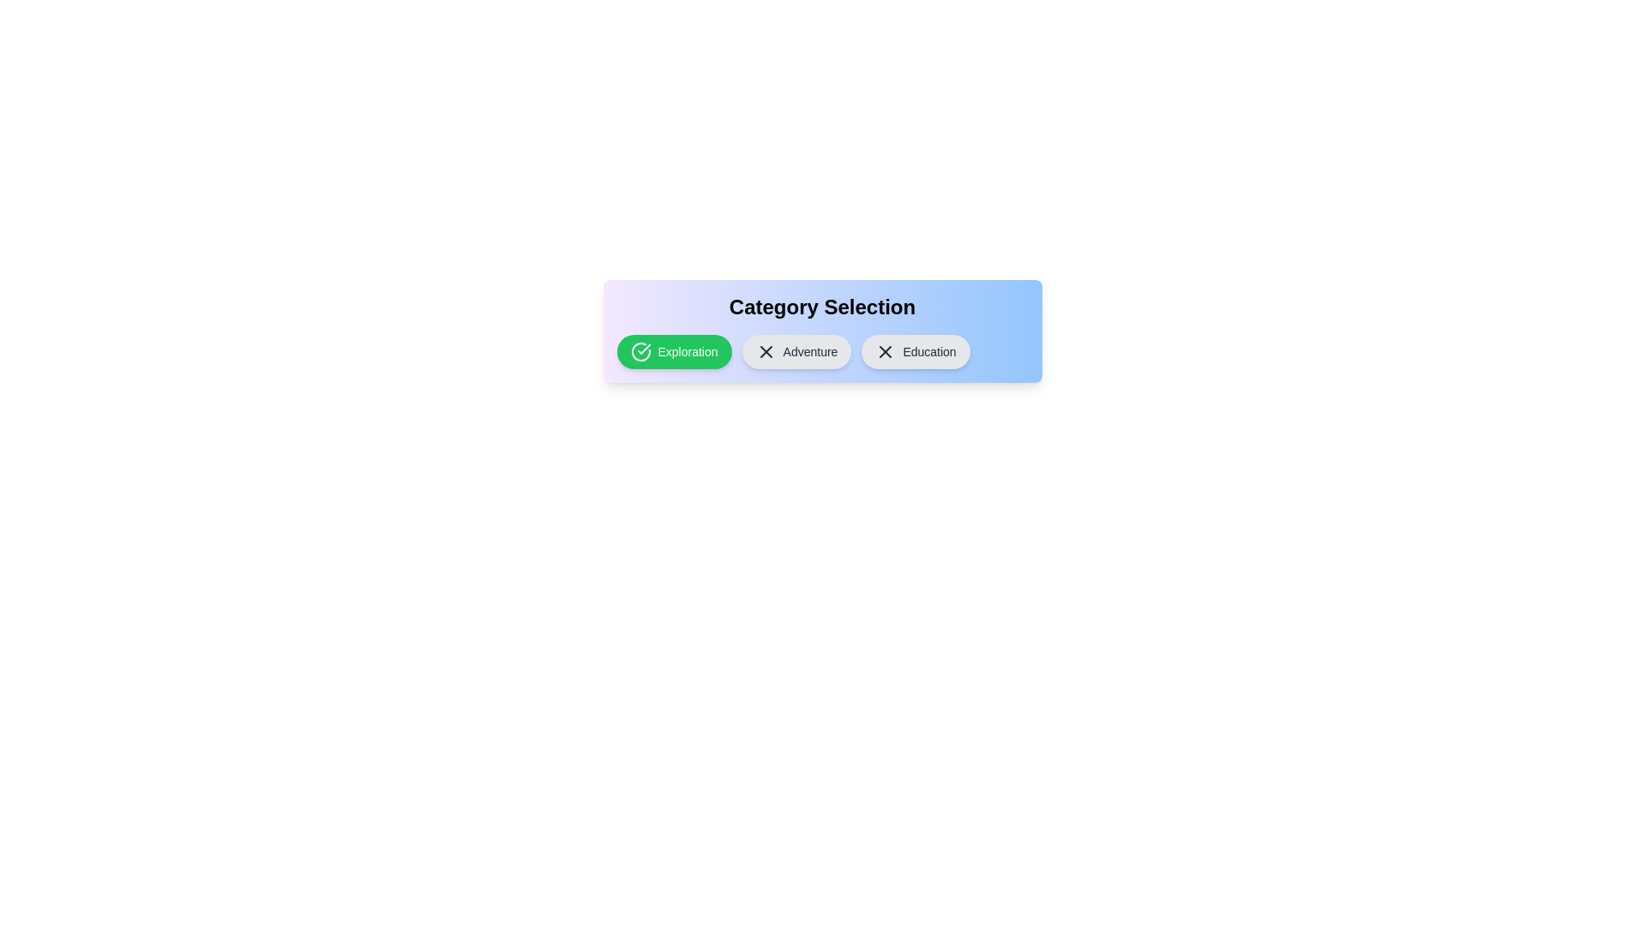 The width and height of the screenshot is (1646, 925). I want to click on the 'Exploration' category to deselect it, so click(673, 351).